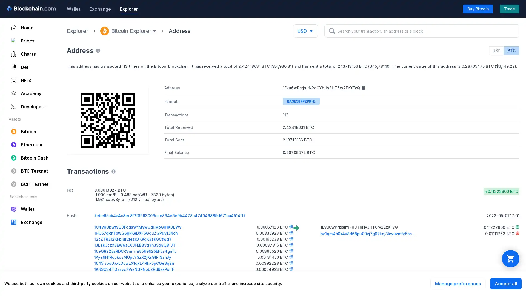 Image resolution: width=526 pixels, height=296 pixels. What do you see at coordinates (509, 8) in the screenshot?
I see `Trade` at bounding box center [509, 8].